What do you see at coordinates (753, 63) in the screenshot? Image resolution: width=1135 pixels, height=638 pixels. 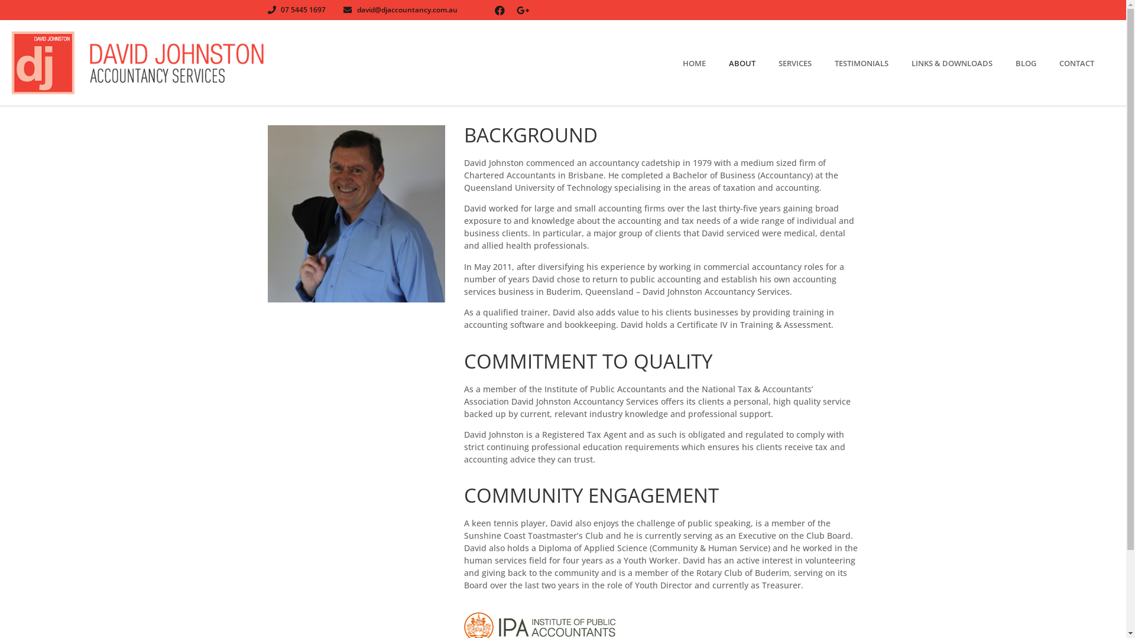 I see `'ABOUT'` at bounding box center [753, 63].